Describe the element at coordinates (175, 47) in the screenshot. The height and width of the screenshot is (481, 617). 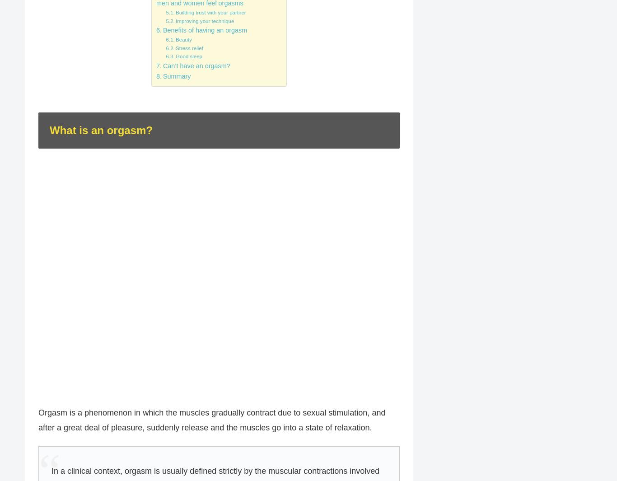
I see `'Stress relief'` at that location.